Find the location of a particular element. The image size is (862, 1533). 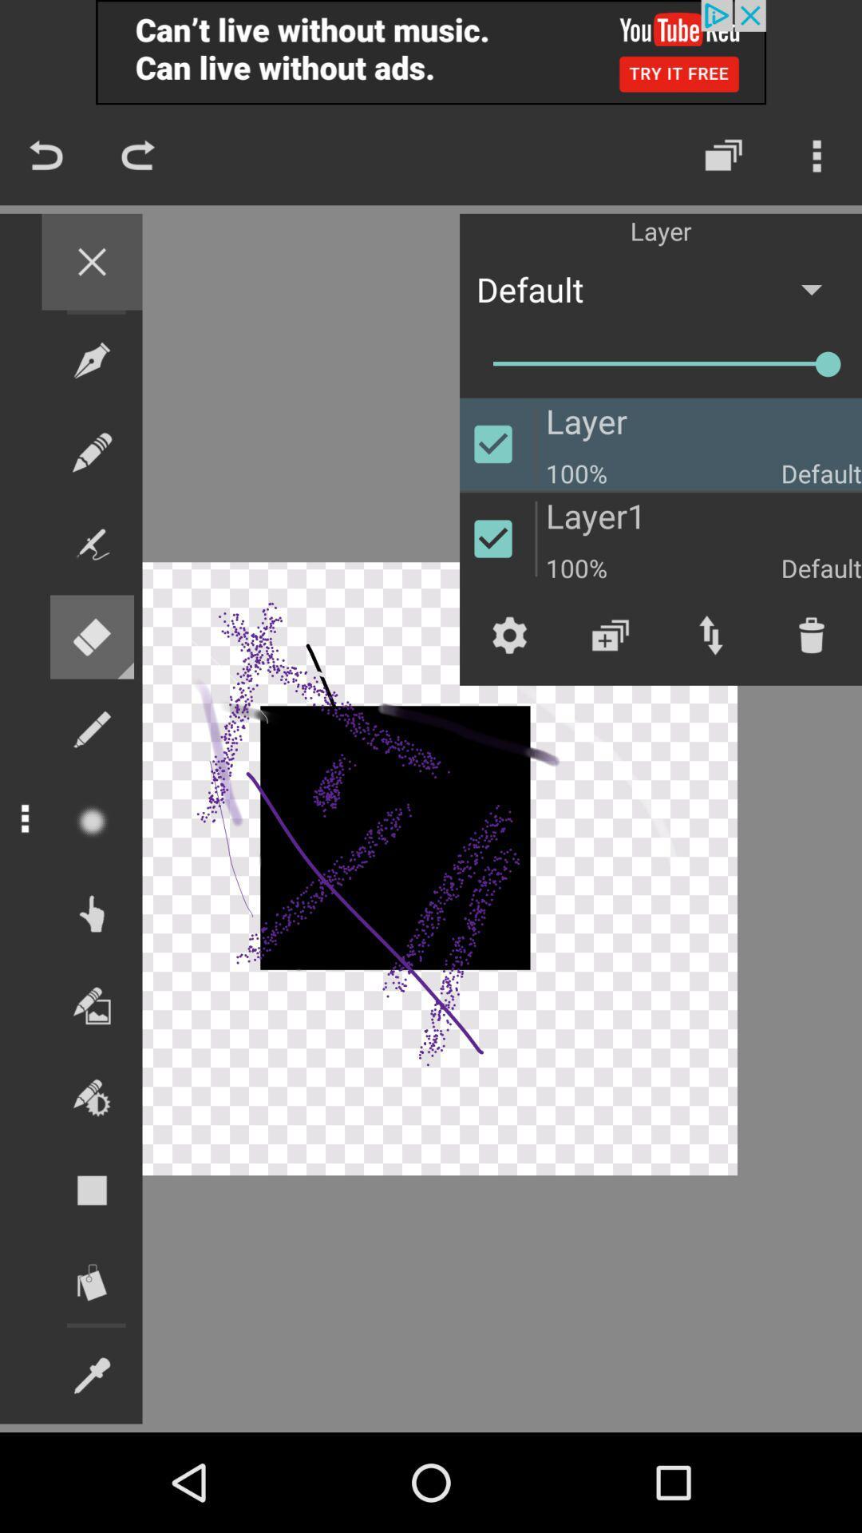

the wallpaper icon is located at coordinates (92, 1004).